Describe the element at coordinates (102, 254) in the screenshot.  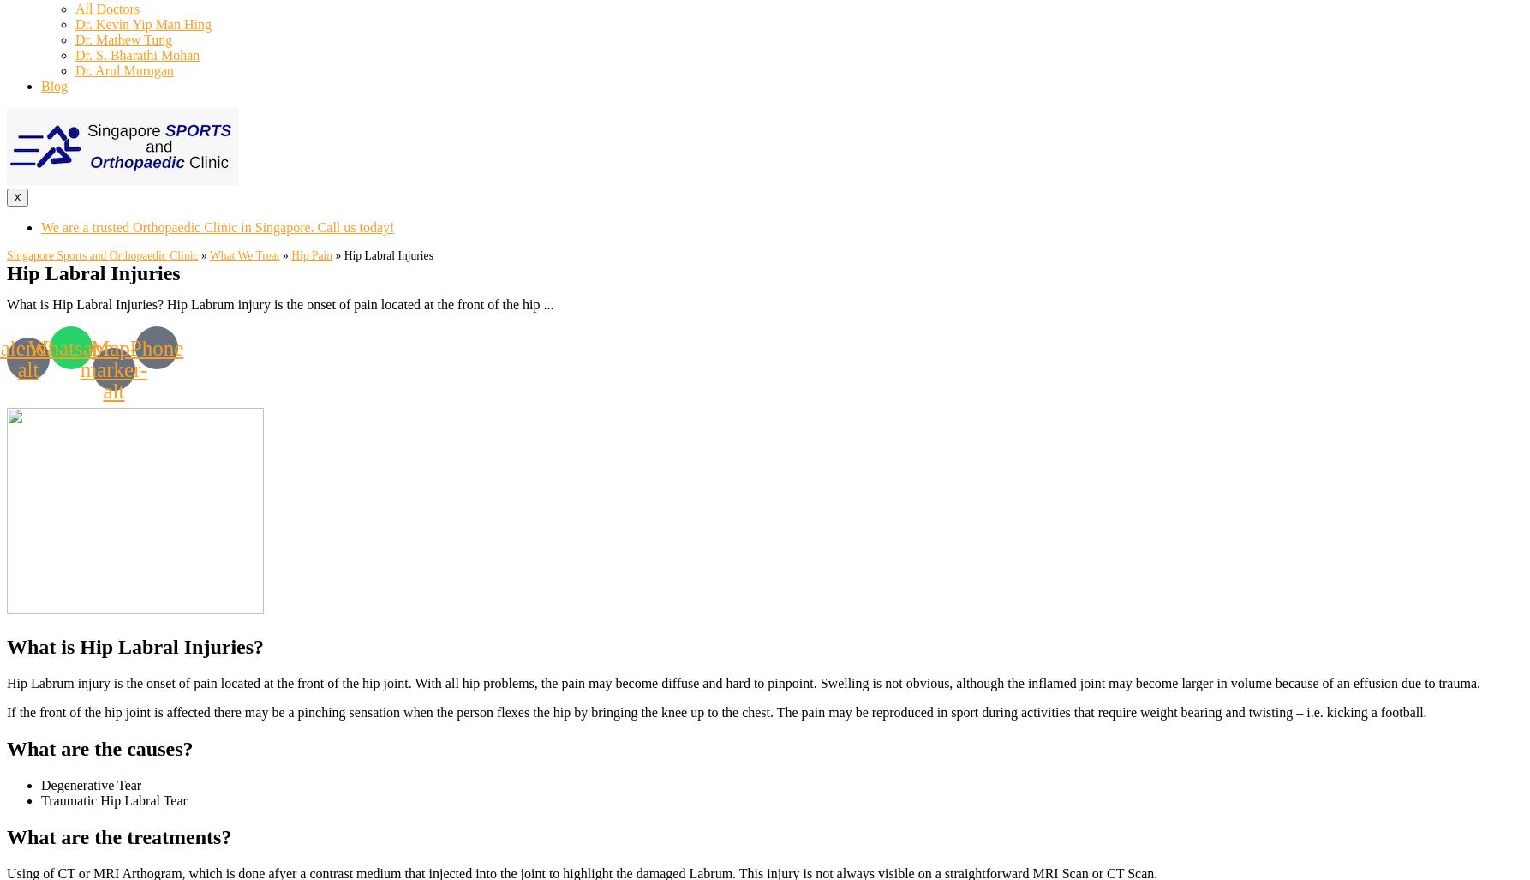
I see `'Singapore Sports and Orthopaedic Clinic'` at that location.